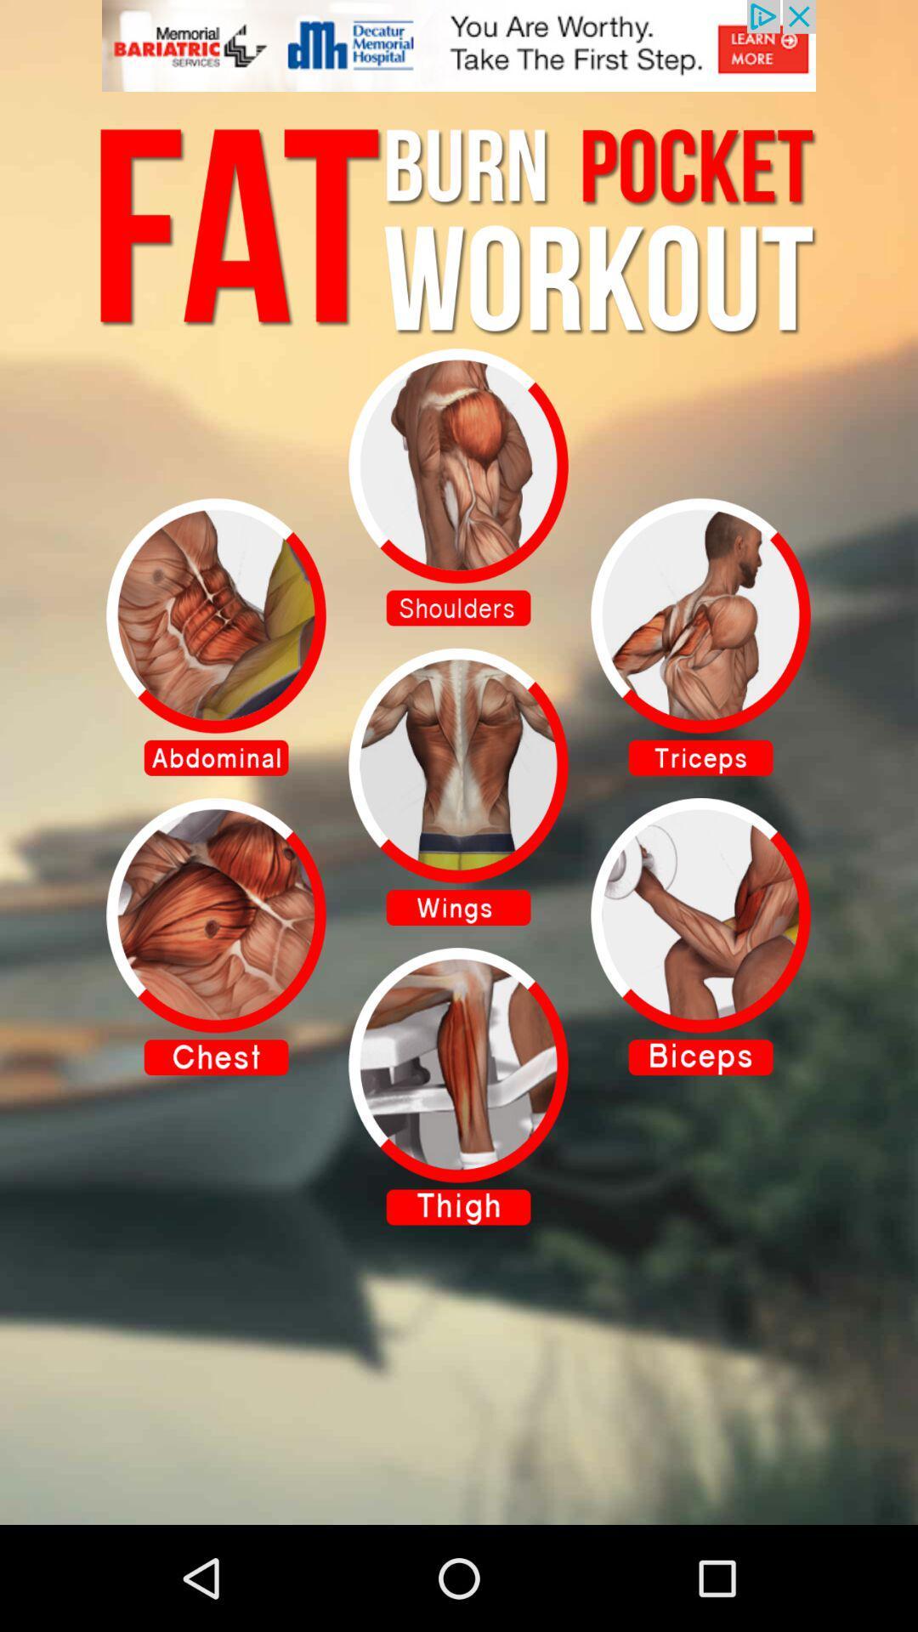  Describe the element at coordinates (700, 636) in the screenshot. I see `image` at that location.